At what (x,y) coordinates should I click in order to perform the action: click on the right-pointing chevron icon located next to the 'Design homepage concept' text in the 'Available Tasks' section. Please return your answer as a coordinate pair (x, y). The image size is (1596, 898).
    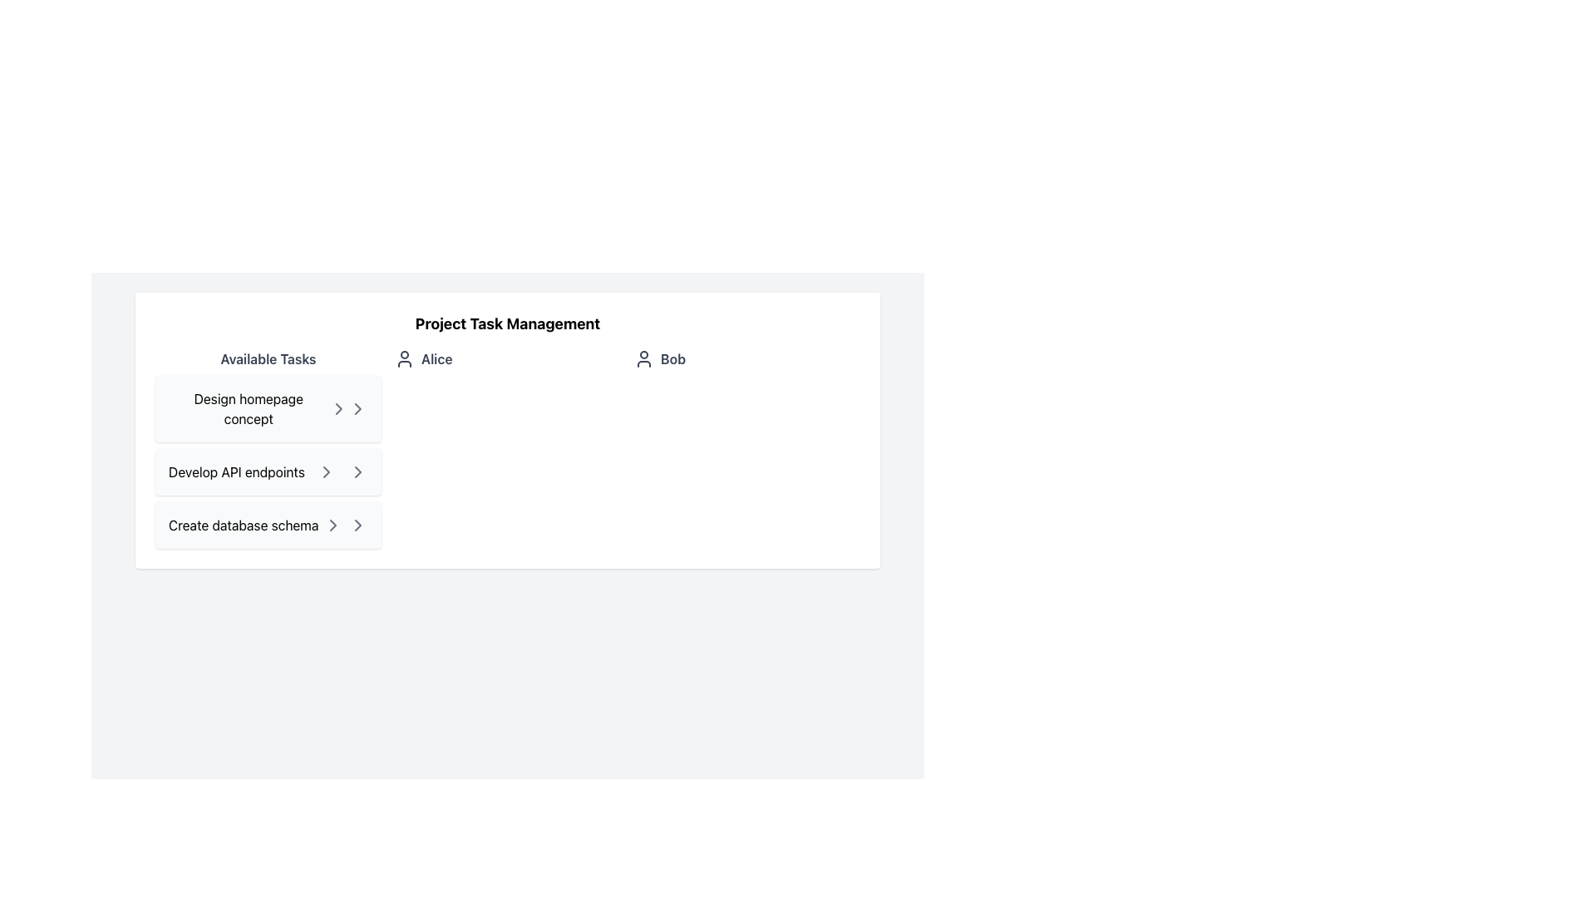
    Looking at the image, I should click on (357, 409).